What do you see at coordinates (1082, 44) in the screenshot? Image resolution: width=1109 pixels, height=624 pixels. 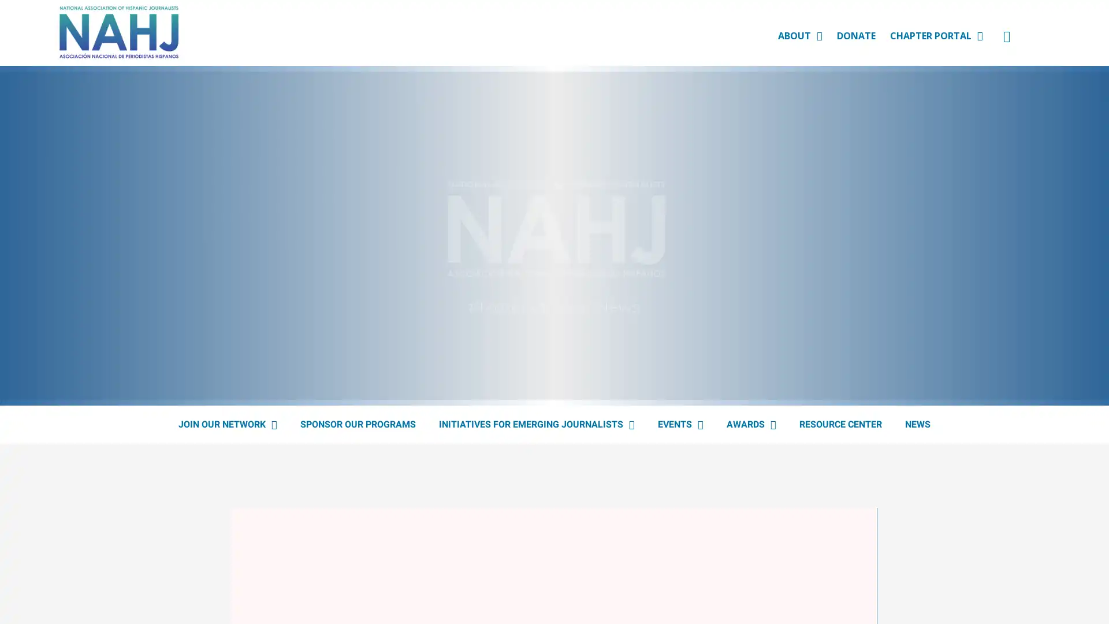 I see `Close search form` at bounding box center [1082, 44].